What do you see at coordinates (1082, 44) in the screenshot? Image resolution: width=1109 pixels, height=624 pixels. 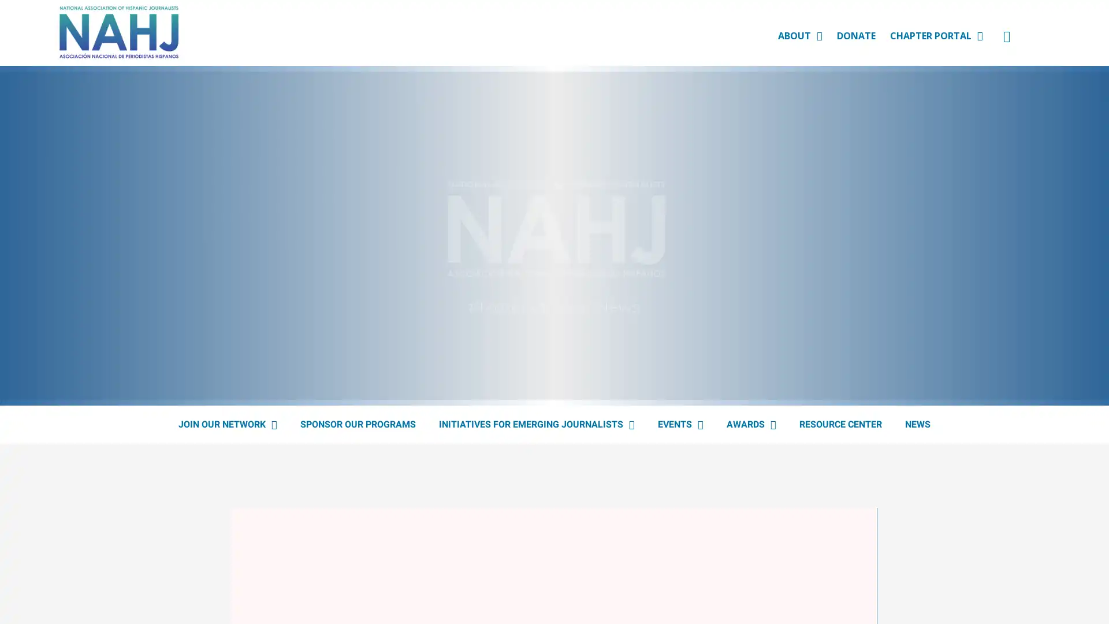 I see `Close search form` at bounding box center [1082, 44].